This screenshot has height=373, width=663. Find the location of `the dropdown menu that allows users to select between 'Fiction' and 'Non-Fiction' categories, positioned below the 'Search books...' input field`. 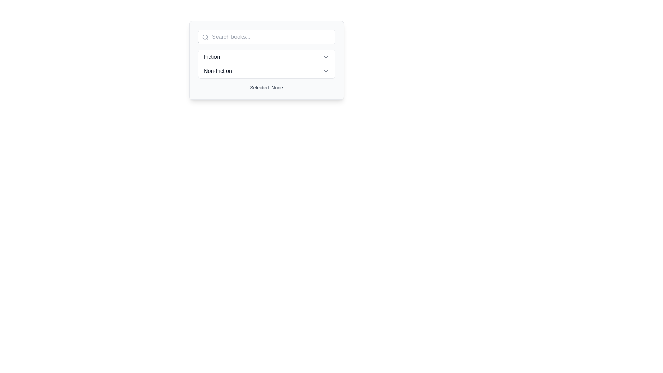

the dropdown menu that allows users to select between 'Fiction' and 'Non-Fiction' categories, positioned below the 'Search books...' input field is located at coordinates (266, 64).